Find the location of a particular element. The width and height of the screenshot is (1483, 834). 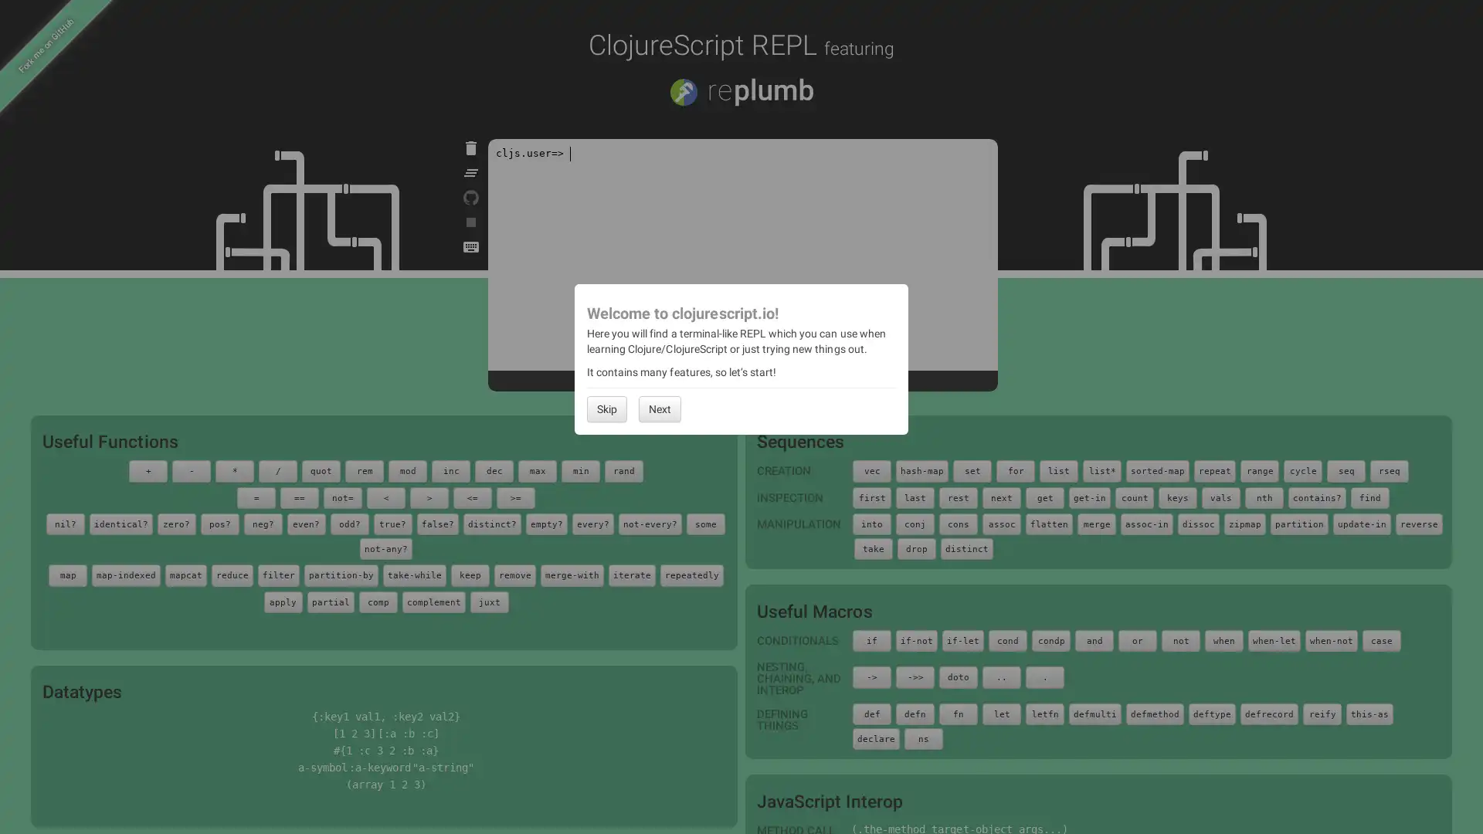

last is located at coordinates (915, 497).